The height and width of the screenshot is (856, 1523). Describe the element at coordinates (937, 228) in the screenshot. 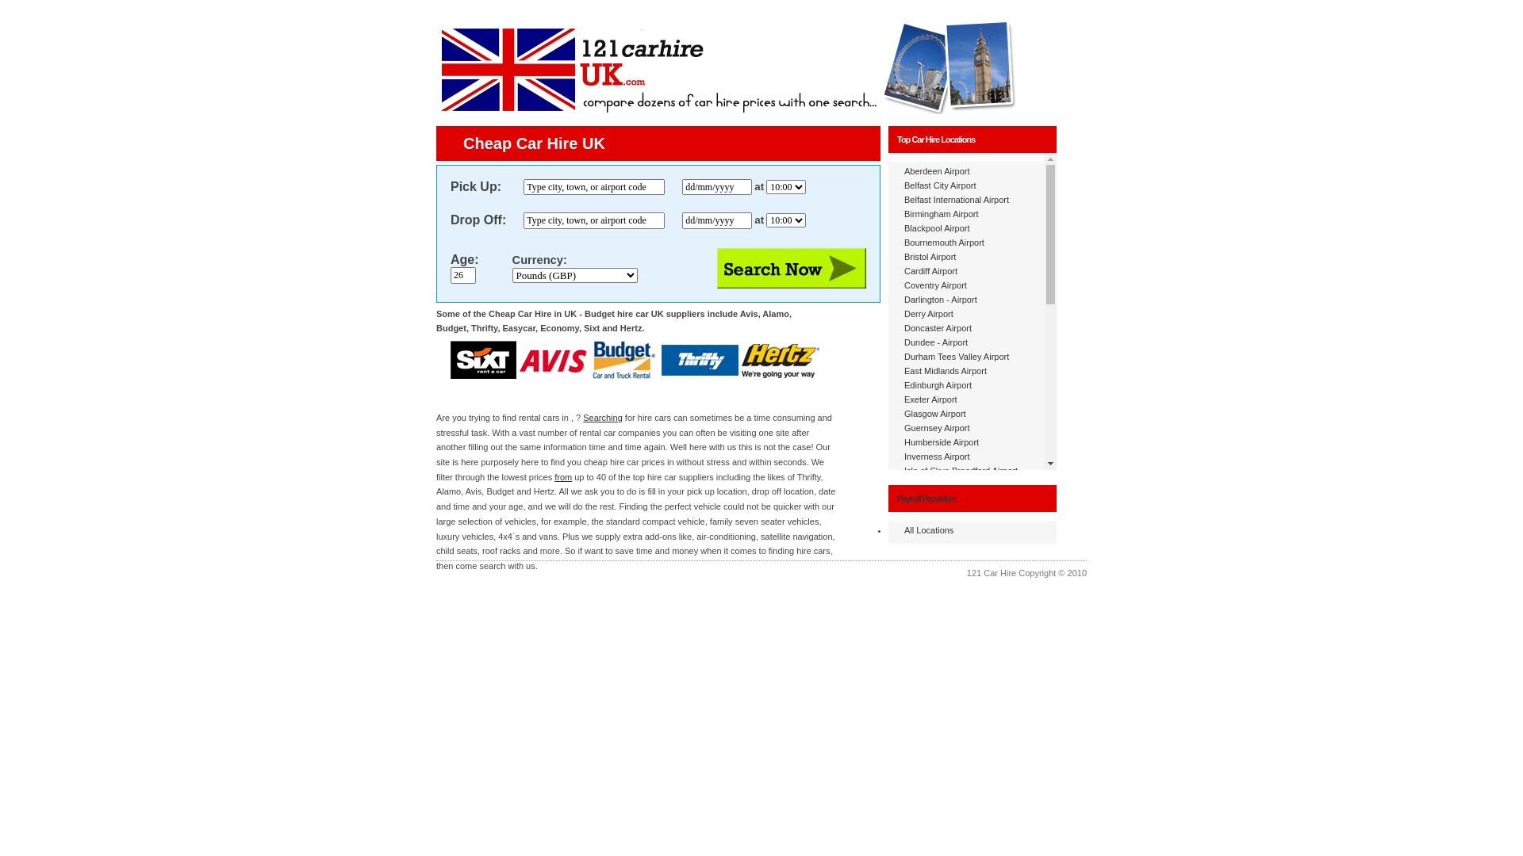

I see `'Blackpool Airport'` at that location.